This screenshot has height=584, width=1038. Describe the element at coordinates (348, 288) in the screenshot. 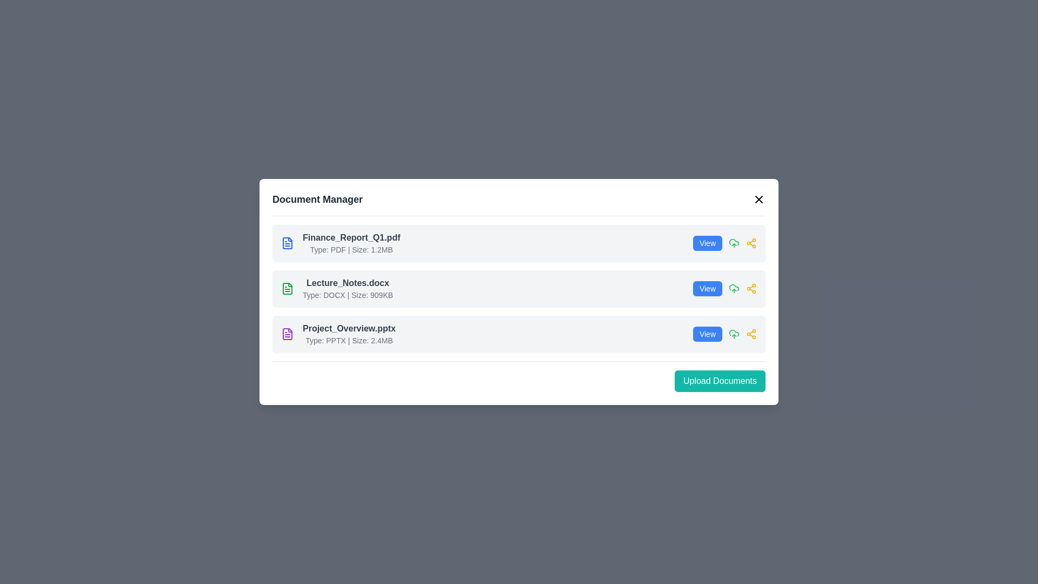

I see `the file descriptor for 'Lecture_Notes.docx'` at that location.